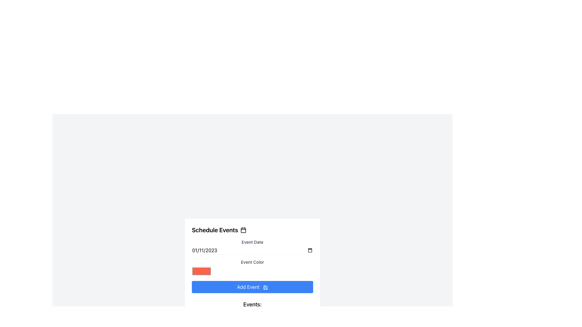 The height and width of the screenshot is (327, 582). What do you see at coordinates (266, 287) in the screenshot?
I see `the main structure of the save icon located in the middle-right portion of the 'Add Event' button` at bounding box center [266, 287].